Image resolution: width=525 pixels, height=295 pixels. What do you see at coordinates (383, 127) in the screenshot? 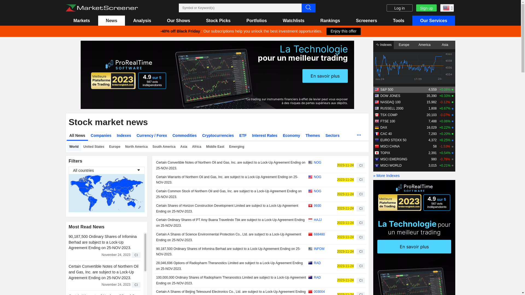
I see `'DAX'` at bounding box center [383, 127].